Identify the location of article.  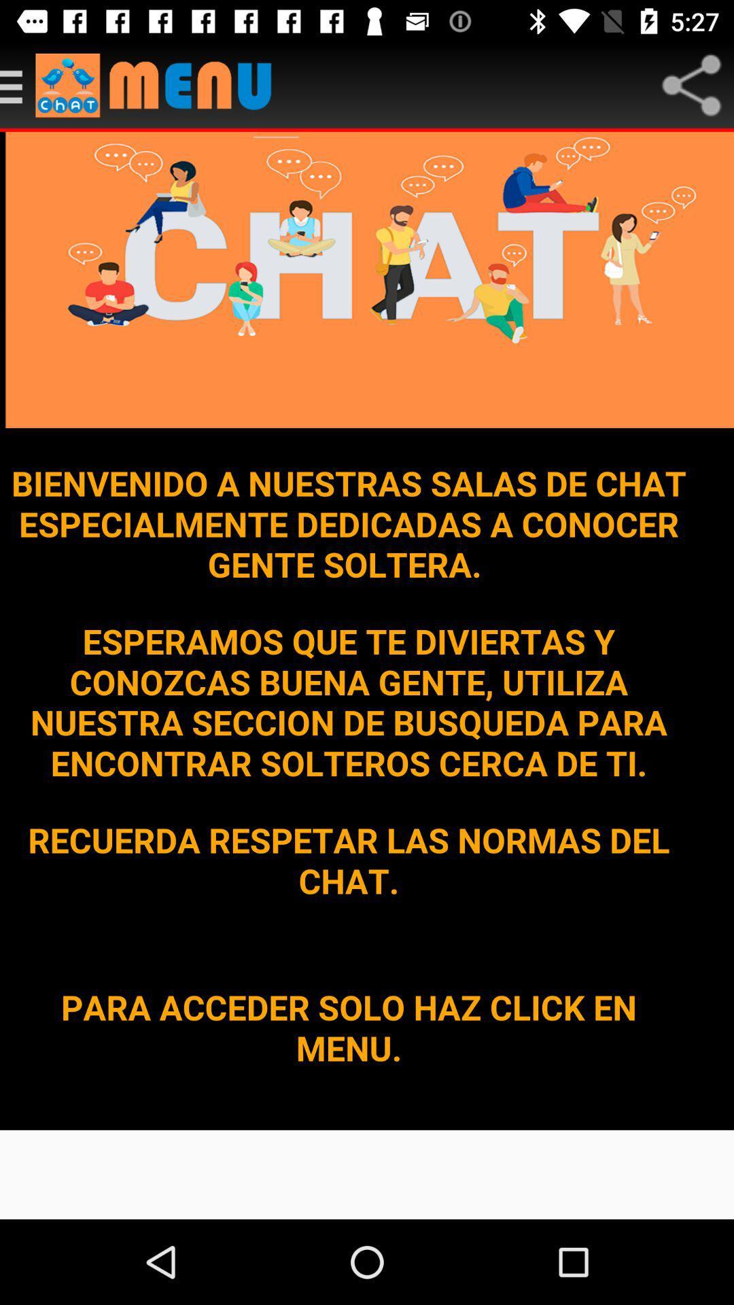
(18, 84).